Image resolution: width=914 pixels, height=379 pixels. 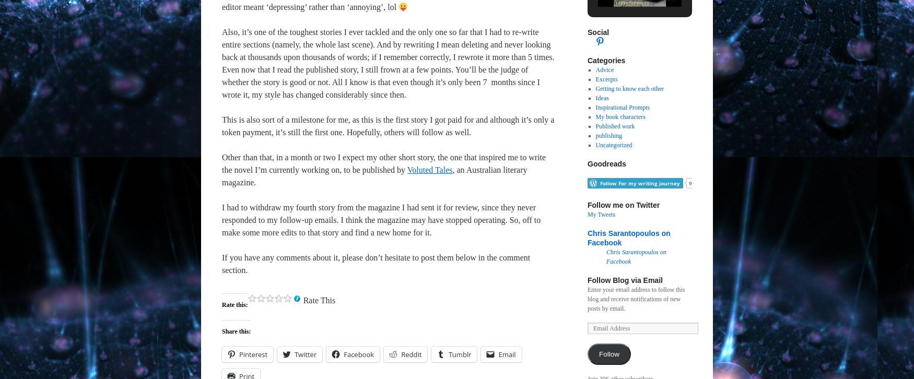 What do you see at coordinates (221, 175) in the screenshot?
I see `', an Australian literary magazine.'` at bounding box center [221, 175].